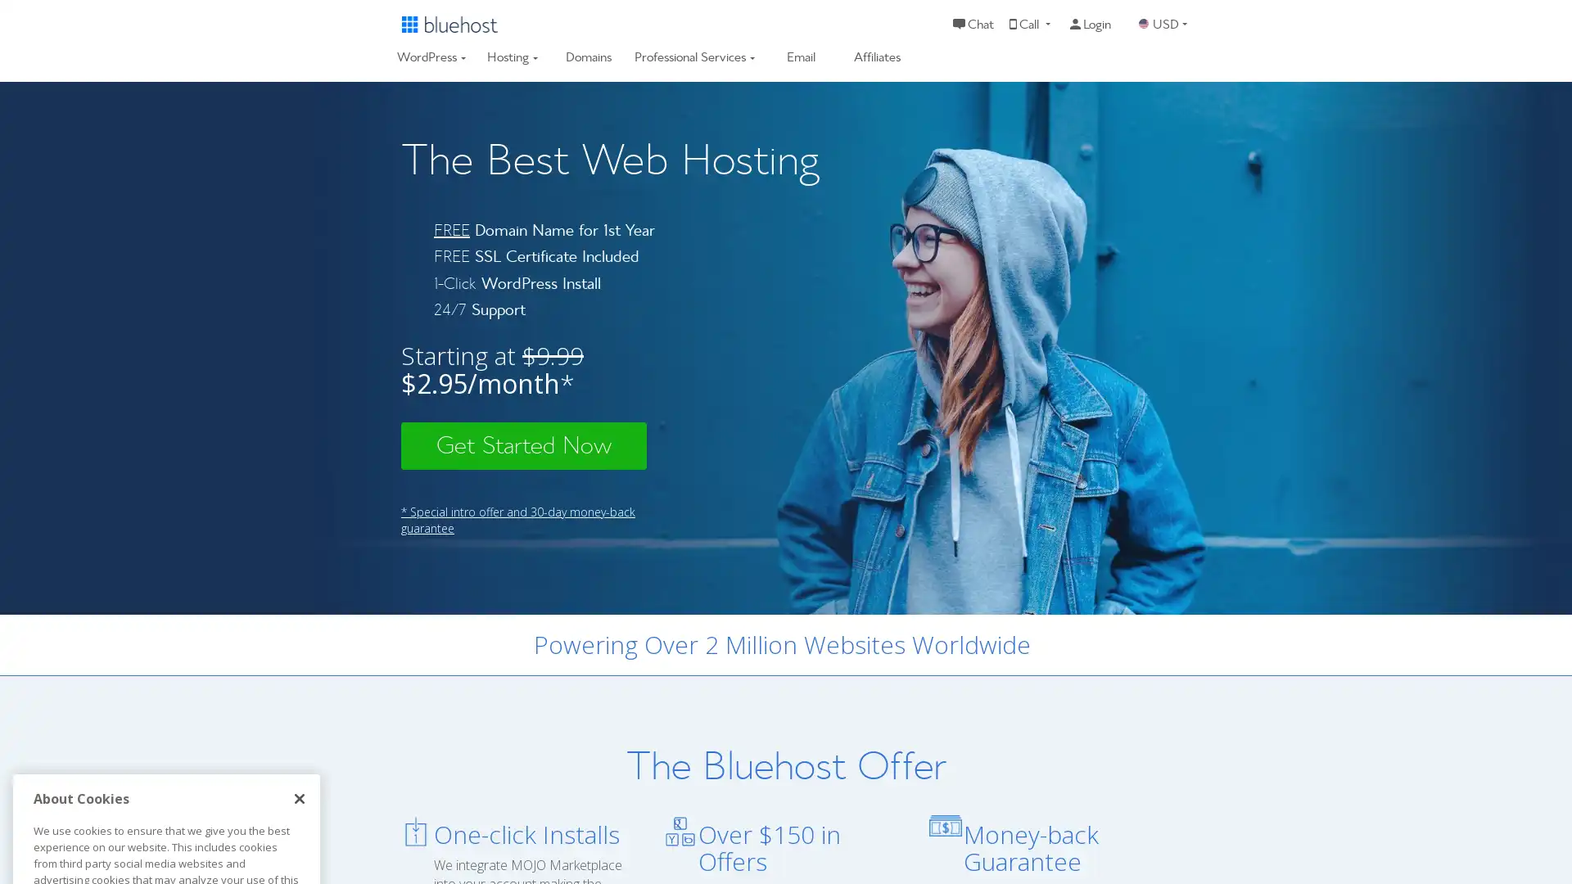 The height and width of the screenshot is (884, 1572). Describe the element at coordinates (299, 625) in the screenshot. I see `Close` at that location.